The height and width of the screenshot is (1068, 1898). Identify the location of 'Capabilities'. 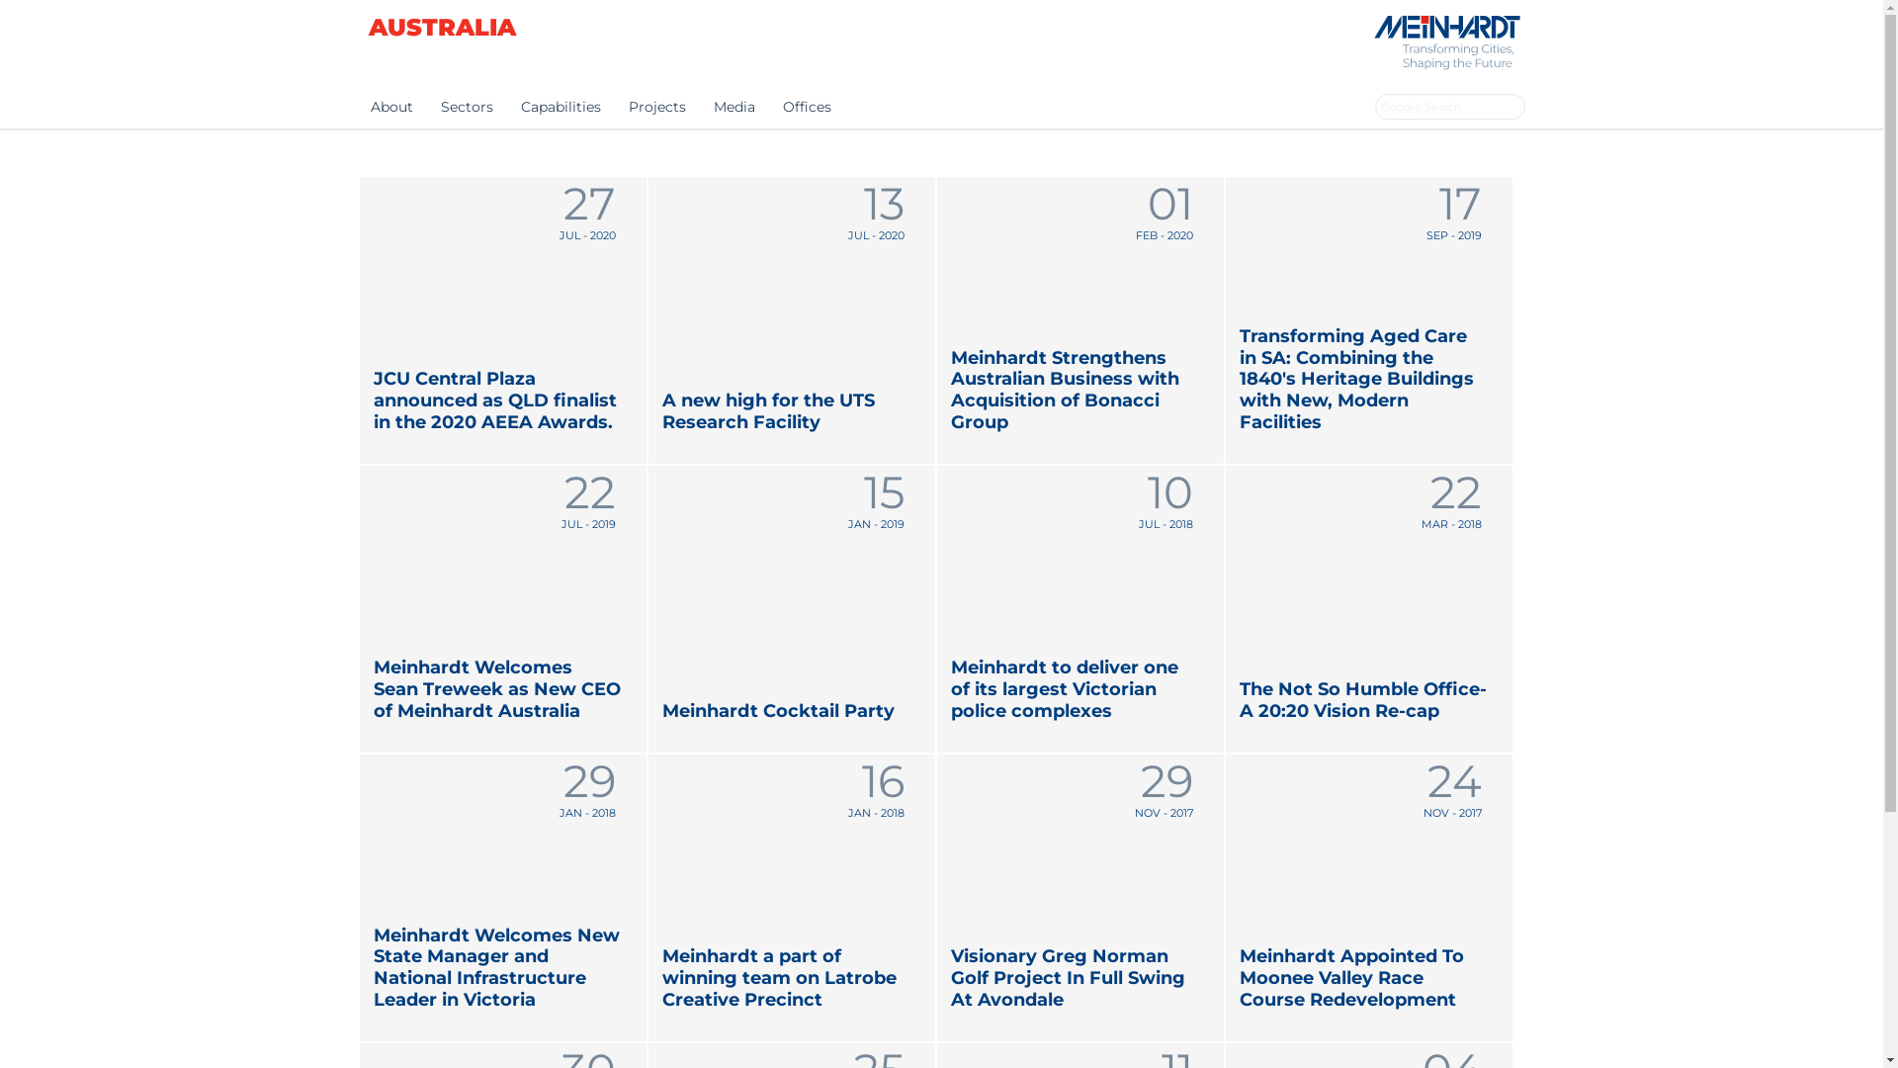
(559, 107).